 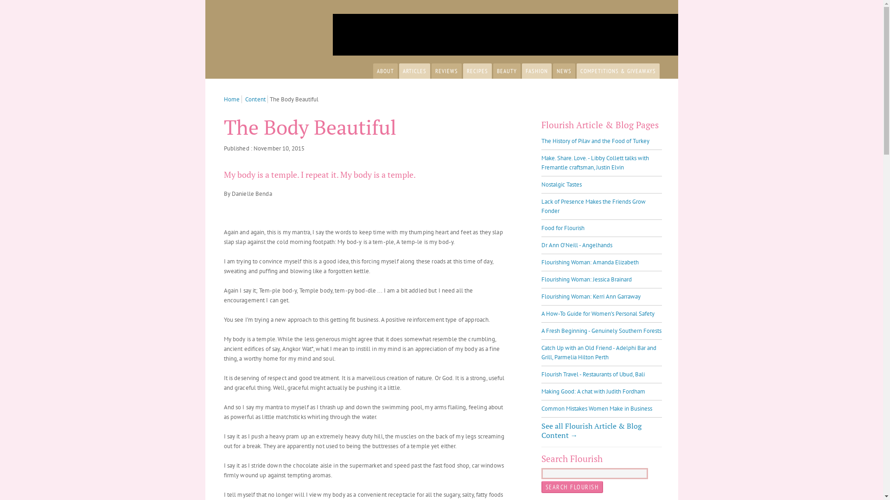 What do you see at coordinates (506, 70) in the screenshot?
I see `'BEAUTY'` at bounding box center [506, 70].